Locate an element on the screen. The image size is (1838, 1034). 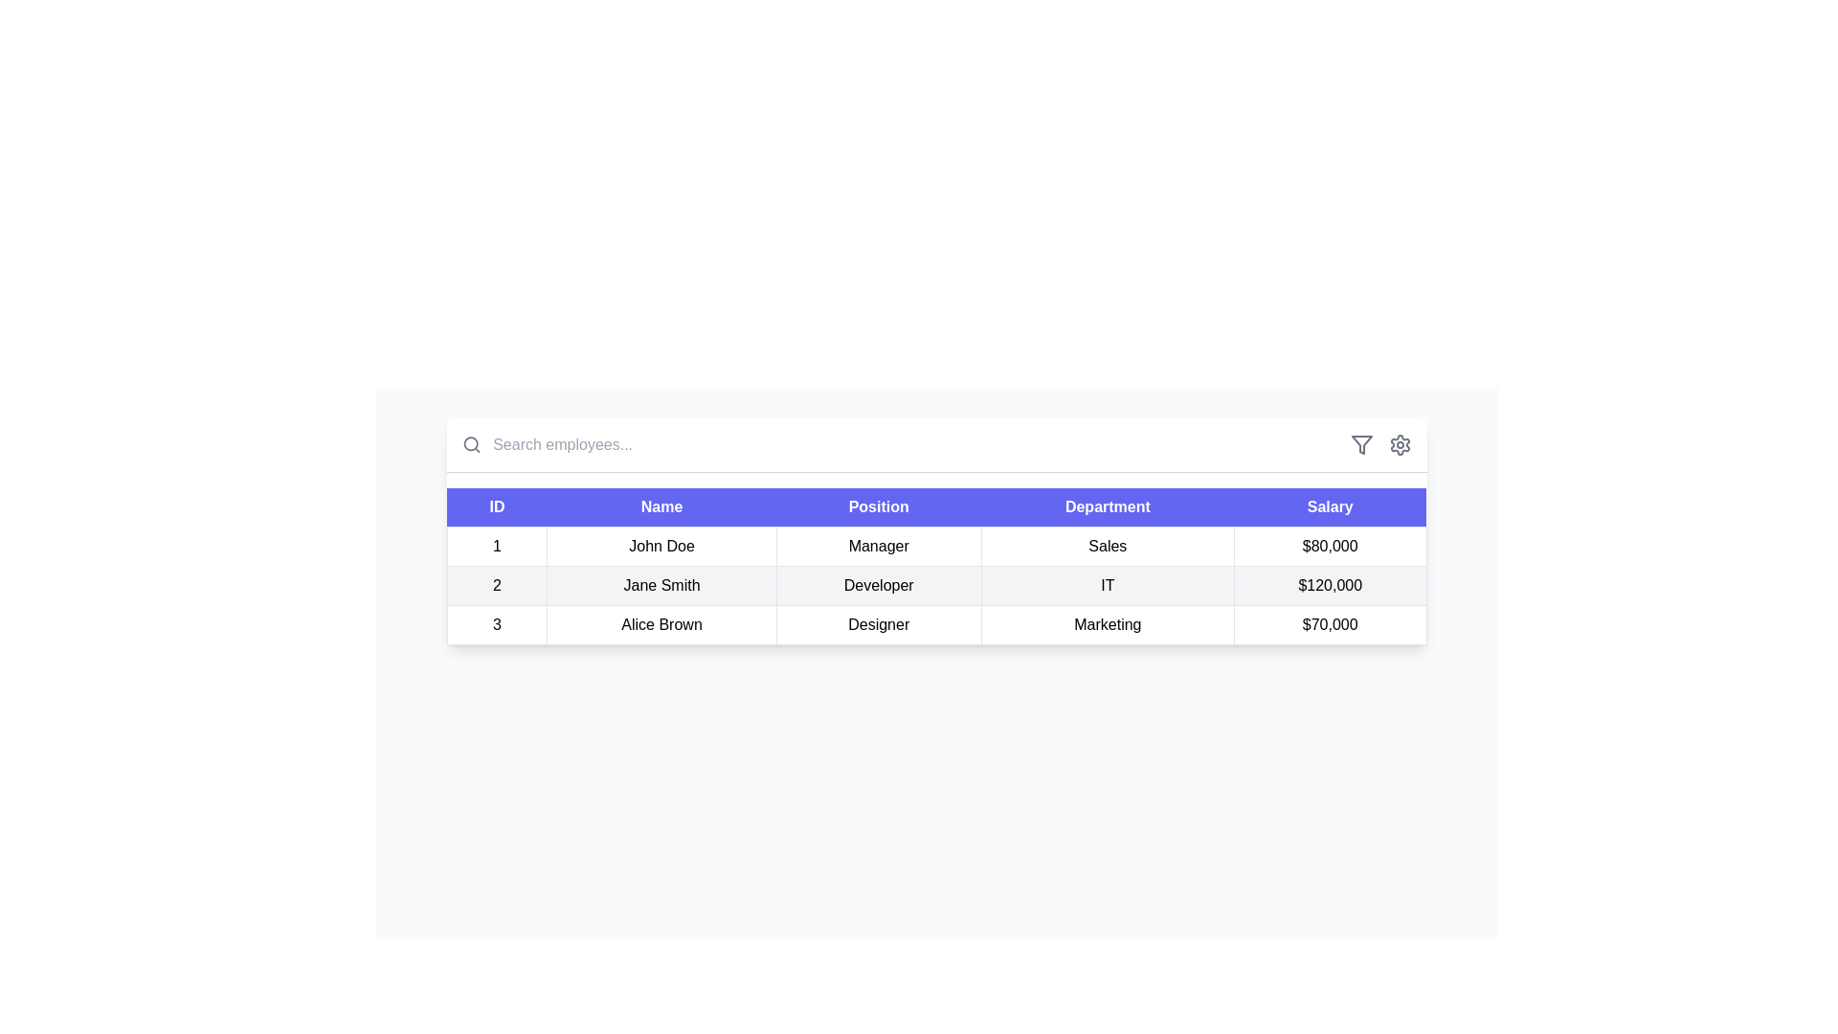
the static text label displaying the job position 'Developer' for employee 'Jane Smith' in the second row of the table is located at coordinates (878, 585).